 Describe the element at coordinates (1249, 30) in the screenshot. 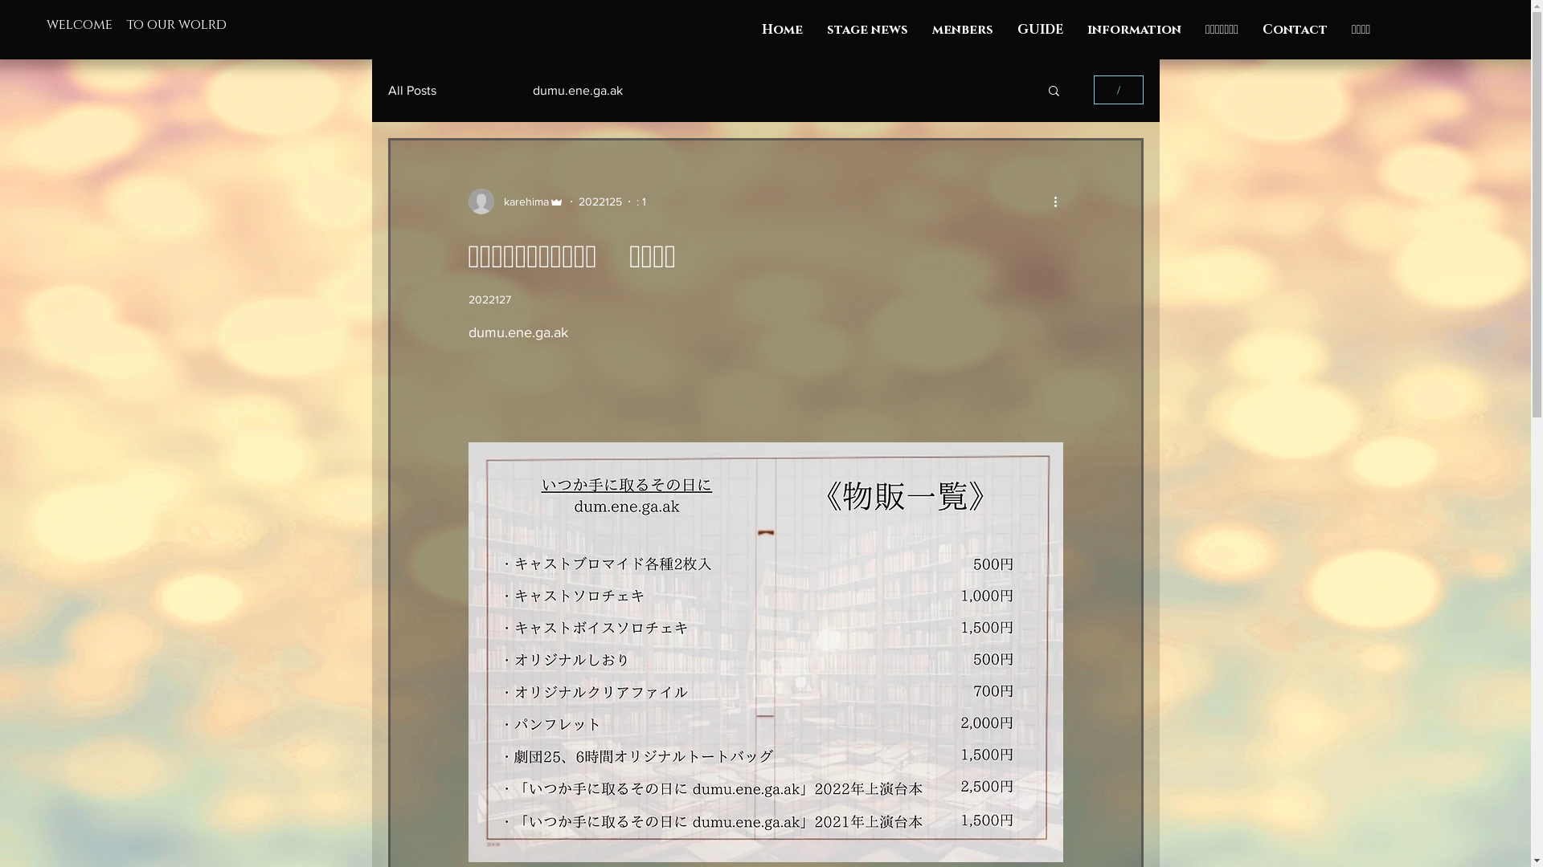

I see `'Contact'` at that location.